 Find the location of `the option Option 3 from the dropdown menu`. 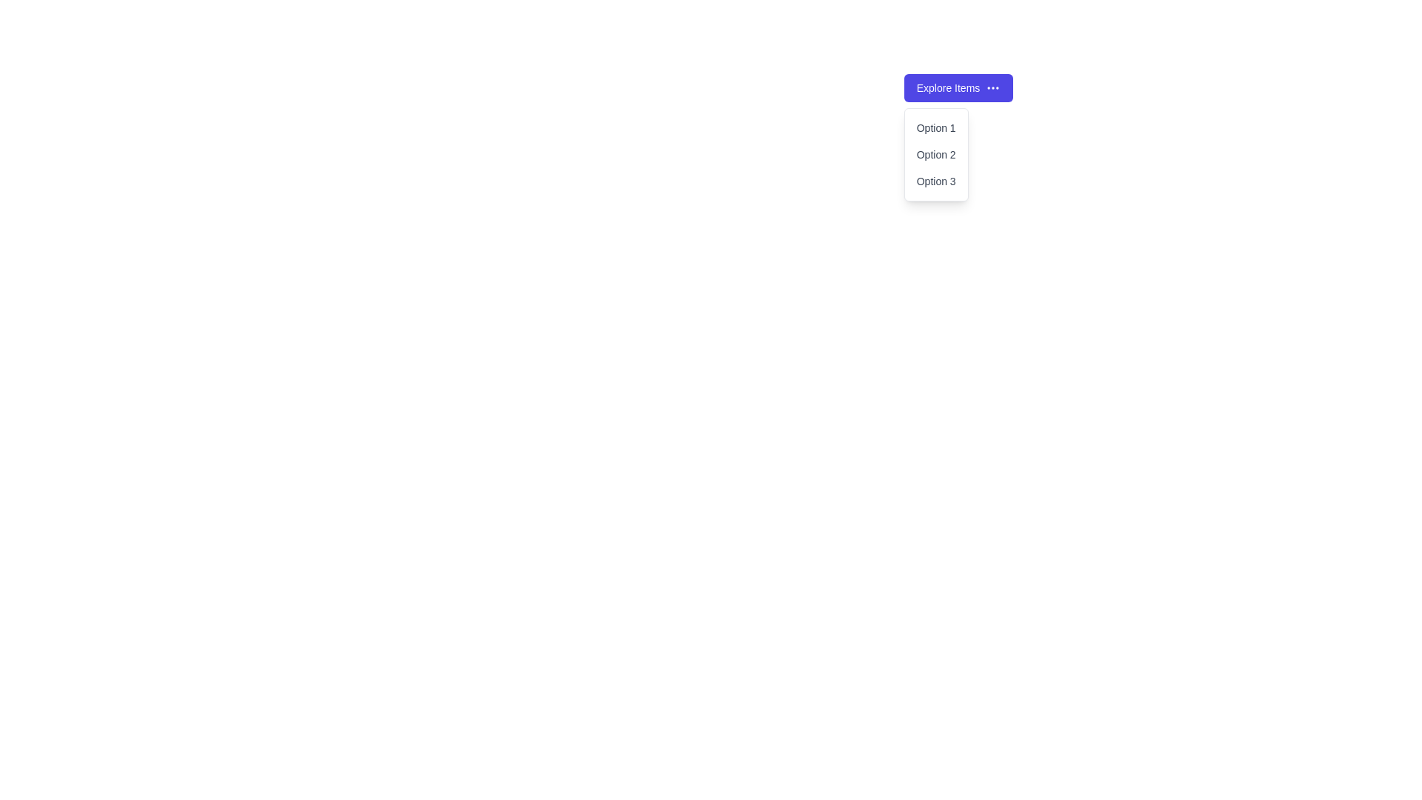

the option Option 3 from the dropdown menu is located at coordinates (935, 181).